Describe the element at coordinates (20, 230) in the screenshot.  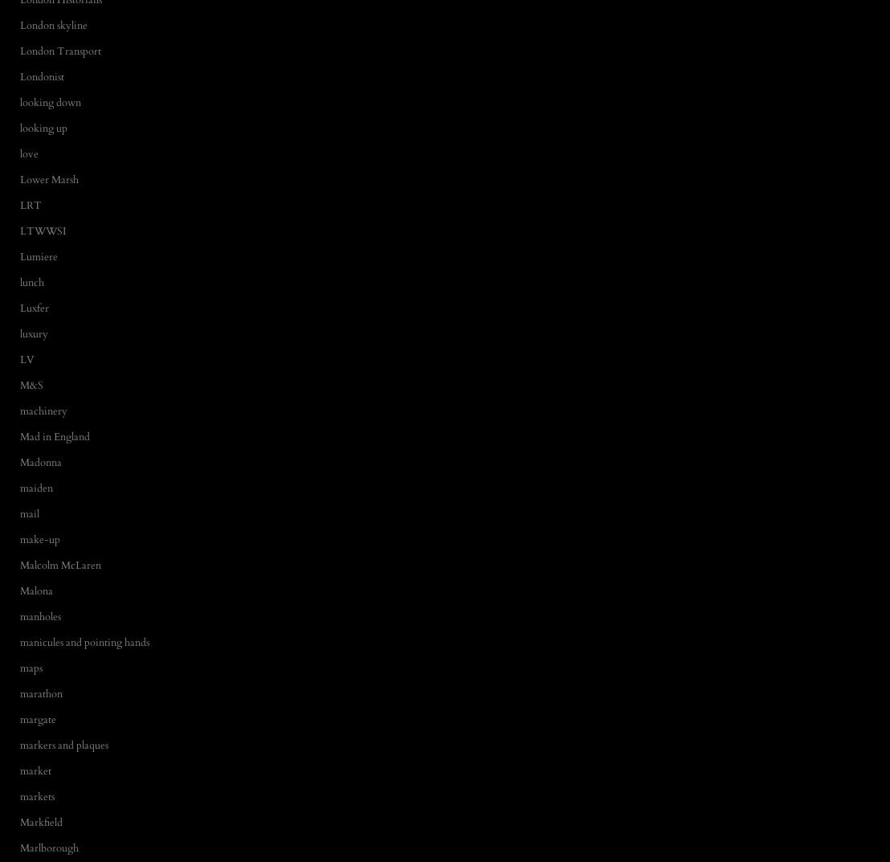
I see `'LTWWSI'` at that location.